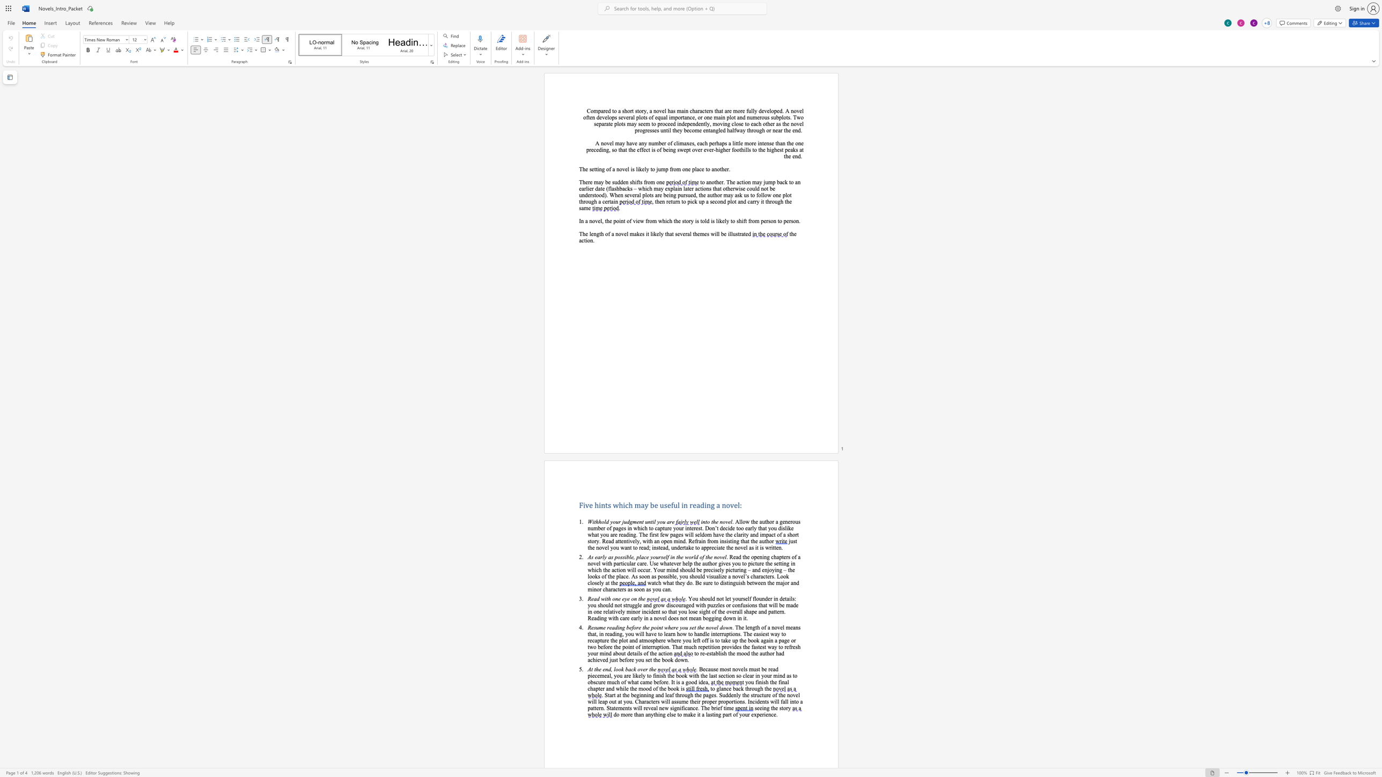 The width and height of the screenshot is (1382, 777). Describe the element at coordinates (592, 521) in the screenshot. I see `the space between the continuous character "W" and "i" in the text` at that location.